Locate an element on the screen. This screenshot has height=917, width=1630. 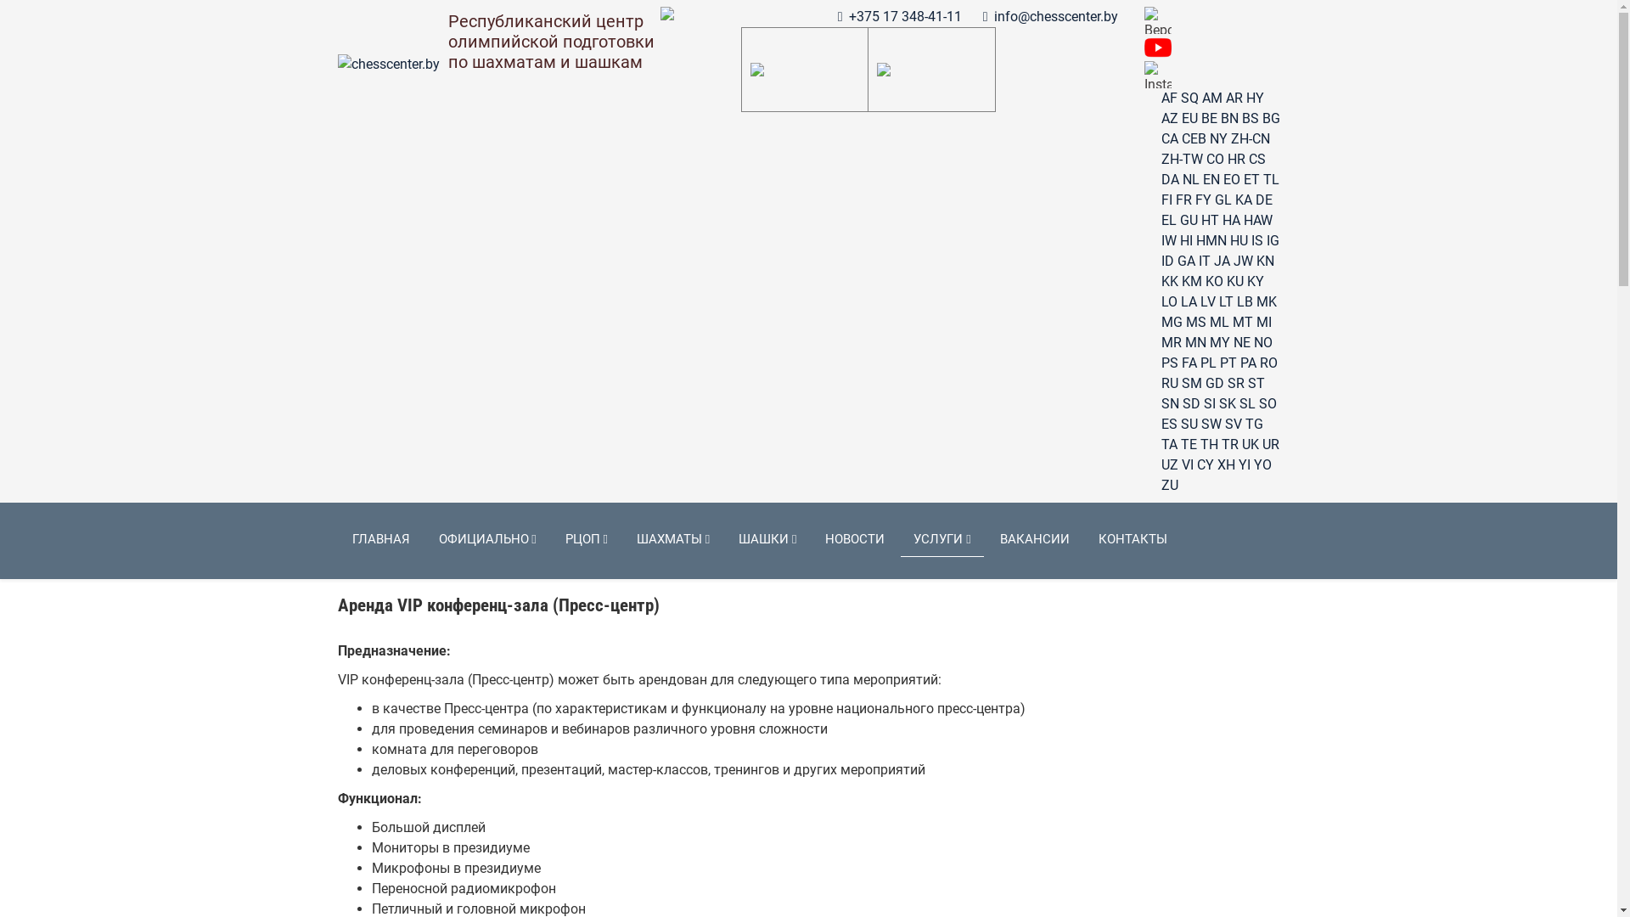
'PS' is located at coordinates (1168, 362).